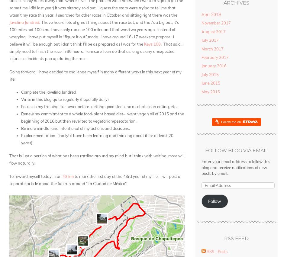 The image size is (287, 257). I want to click on 'Be more mindful and intentional of my actions and decisions.', so click(21, 127).